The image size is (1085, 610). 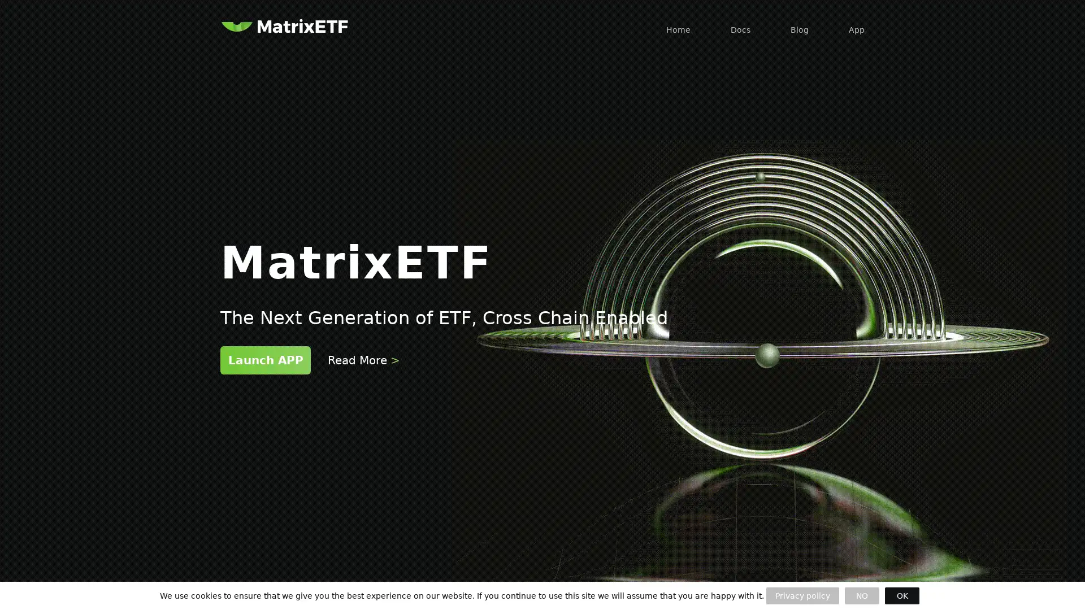 What do you see at coordinates (861, 595) in the screenshot?
I see `NO` at bounding box center [861, 595].